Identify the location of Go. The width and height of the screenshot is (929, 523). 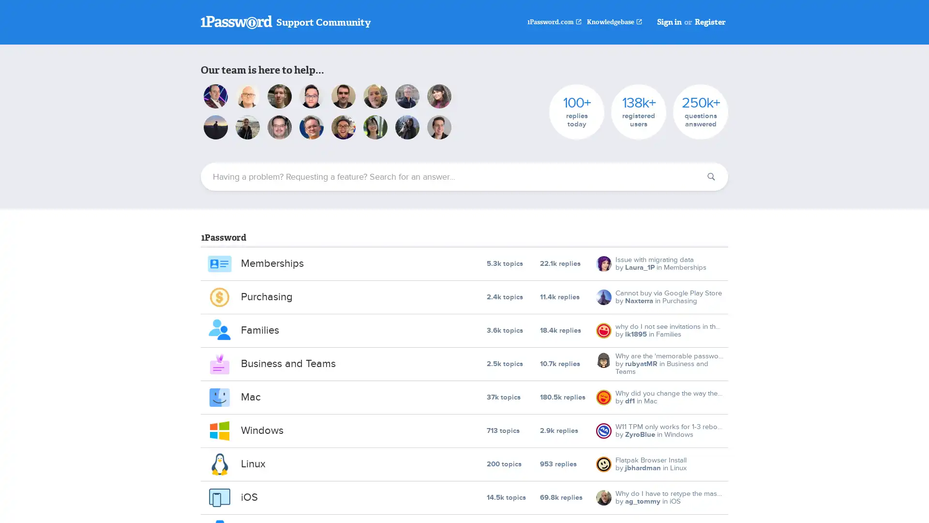
(711, 177).